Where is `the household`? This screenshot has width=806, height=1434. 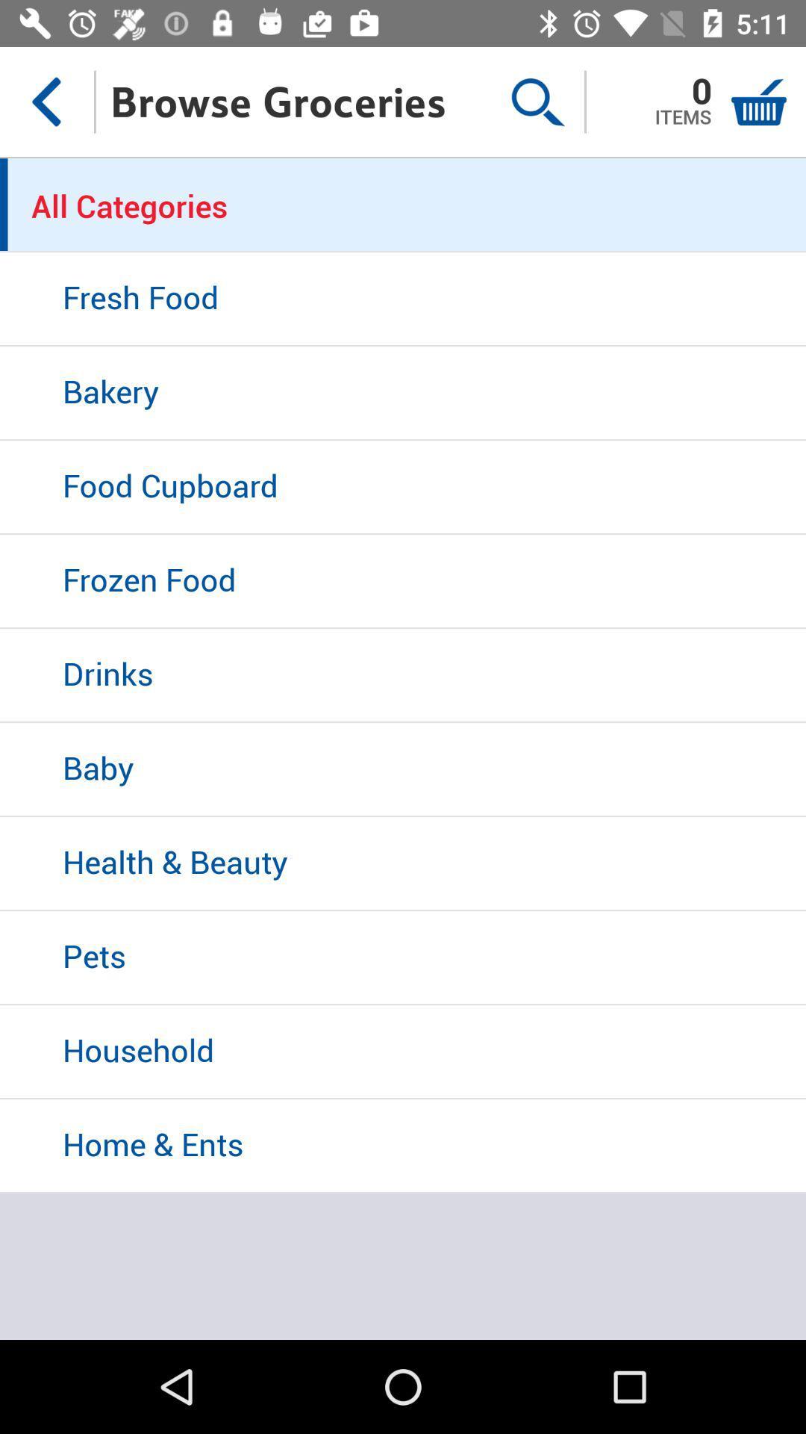
the household is located at coordinates (403, 1052).